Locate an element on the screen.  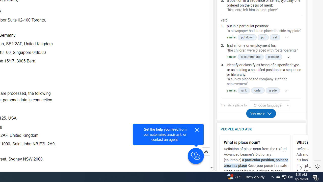
'Translate place to Choose language' is located at coordinates (270, 105).